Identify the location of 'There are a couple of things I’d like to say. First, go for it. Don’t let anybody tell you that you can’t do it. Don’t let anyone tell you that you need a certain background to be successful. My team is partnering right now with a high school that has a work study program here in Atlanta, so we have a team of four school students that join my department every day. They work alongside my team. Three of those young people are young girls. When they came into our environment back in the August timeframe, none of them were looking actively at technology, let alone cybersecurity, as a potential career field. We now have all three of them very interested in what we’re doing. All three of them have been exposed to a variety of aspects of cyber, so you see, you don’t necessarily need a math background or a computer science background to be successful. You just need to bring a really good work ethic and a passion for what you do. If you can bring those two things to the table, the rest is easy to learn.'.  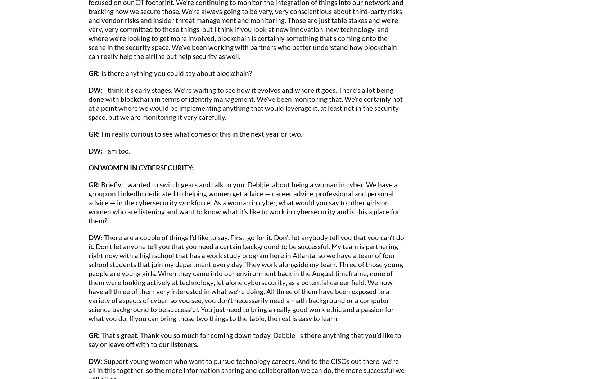
(89, 277).